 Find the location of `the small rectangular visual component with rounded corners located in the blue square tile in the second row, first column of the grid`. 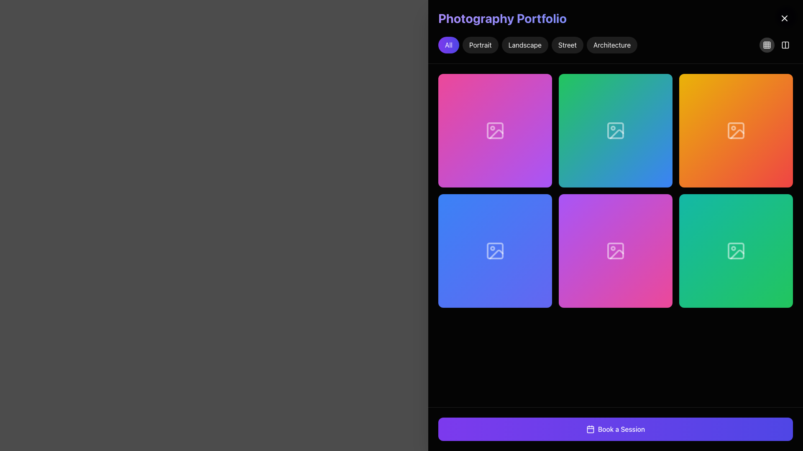

the small rectangular visual component with rounded corners located in the blue square tile in the second row, first column of the grid is located at coordinates (495, 251).